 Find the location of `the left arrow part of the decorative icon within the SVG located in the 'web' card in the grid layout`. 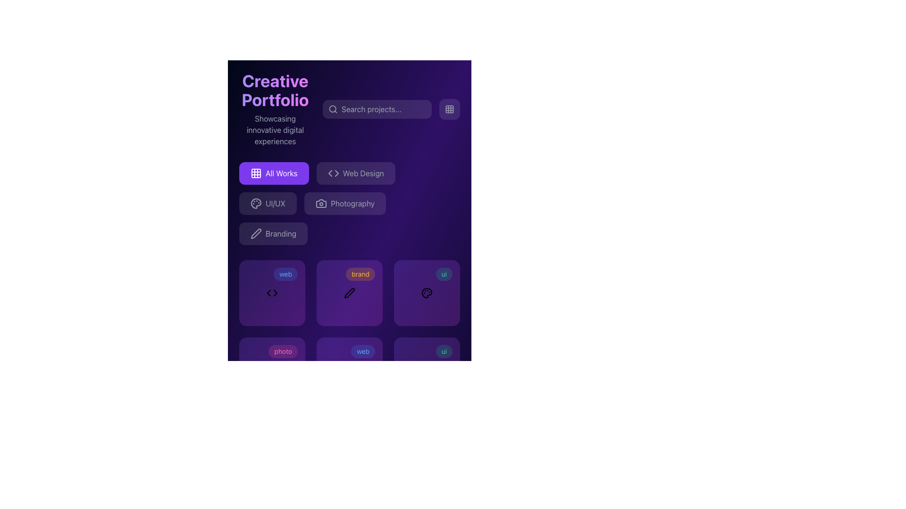

the left arrow part of the decorative icon within the SVG located in the 'web' card in the grid layout is located at coordinates (268, 292).